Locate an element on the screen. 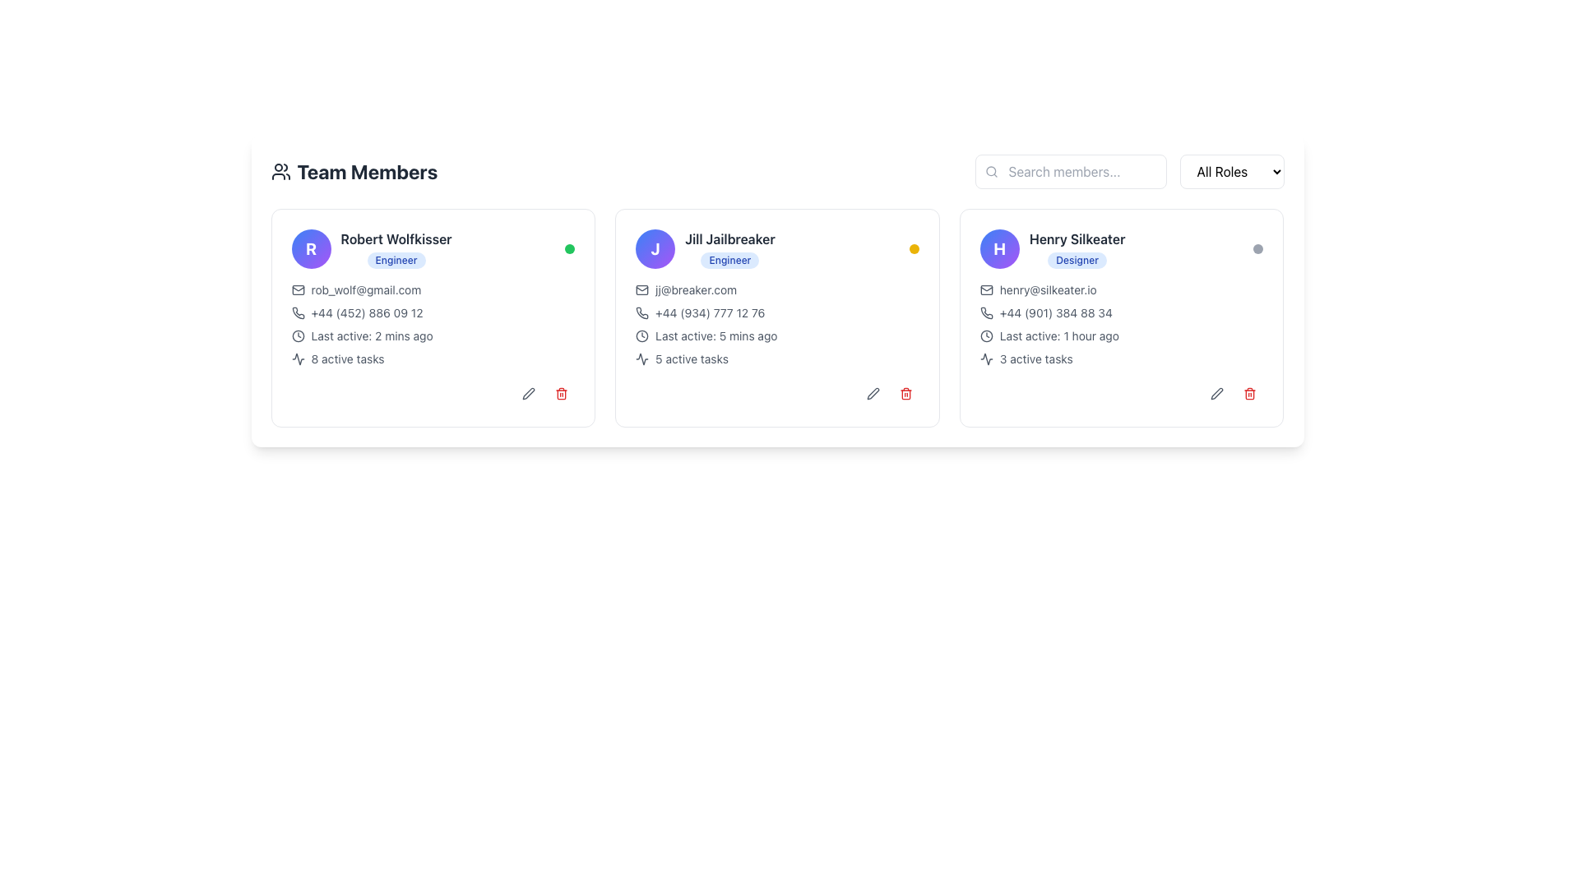 The height and width of the screenshot is (888, 1579). the Dropdown menu button labeled 'All Roles' is located at coordinates (1231, 171).